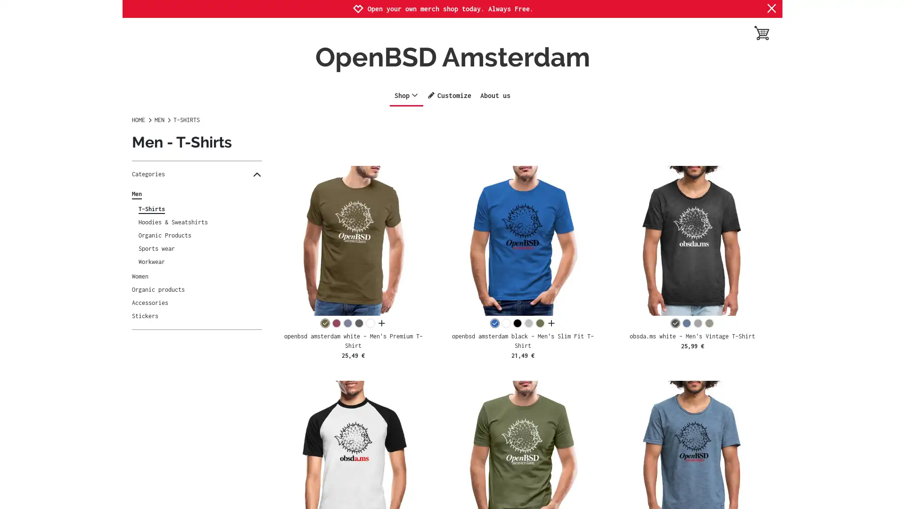 This screenshot has width=905, height=509. Describe the element at coordinates (709, 323) in the screenshot. I see `vintage khaki` at that location.